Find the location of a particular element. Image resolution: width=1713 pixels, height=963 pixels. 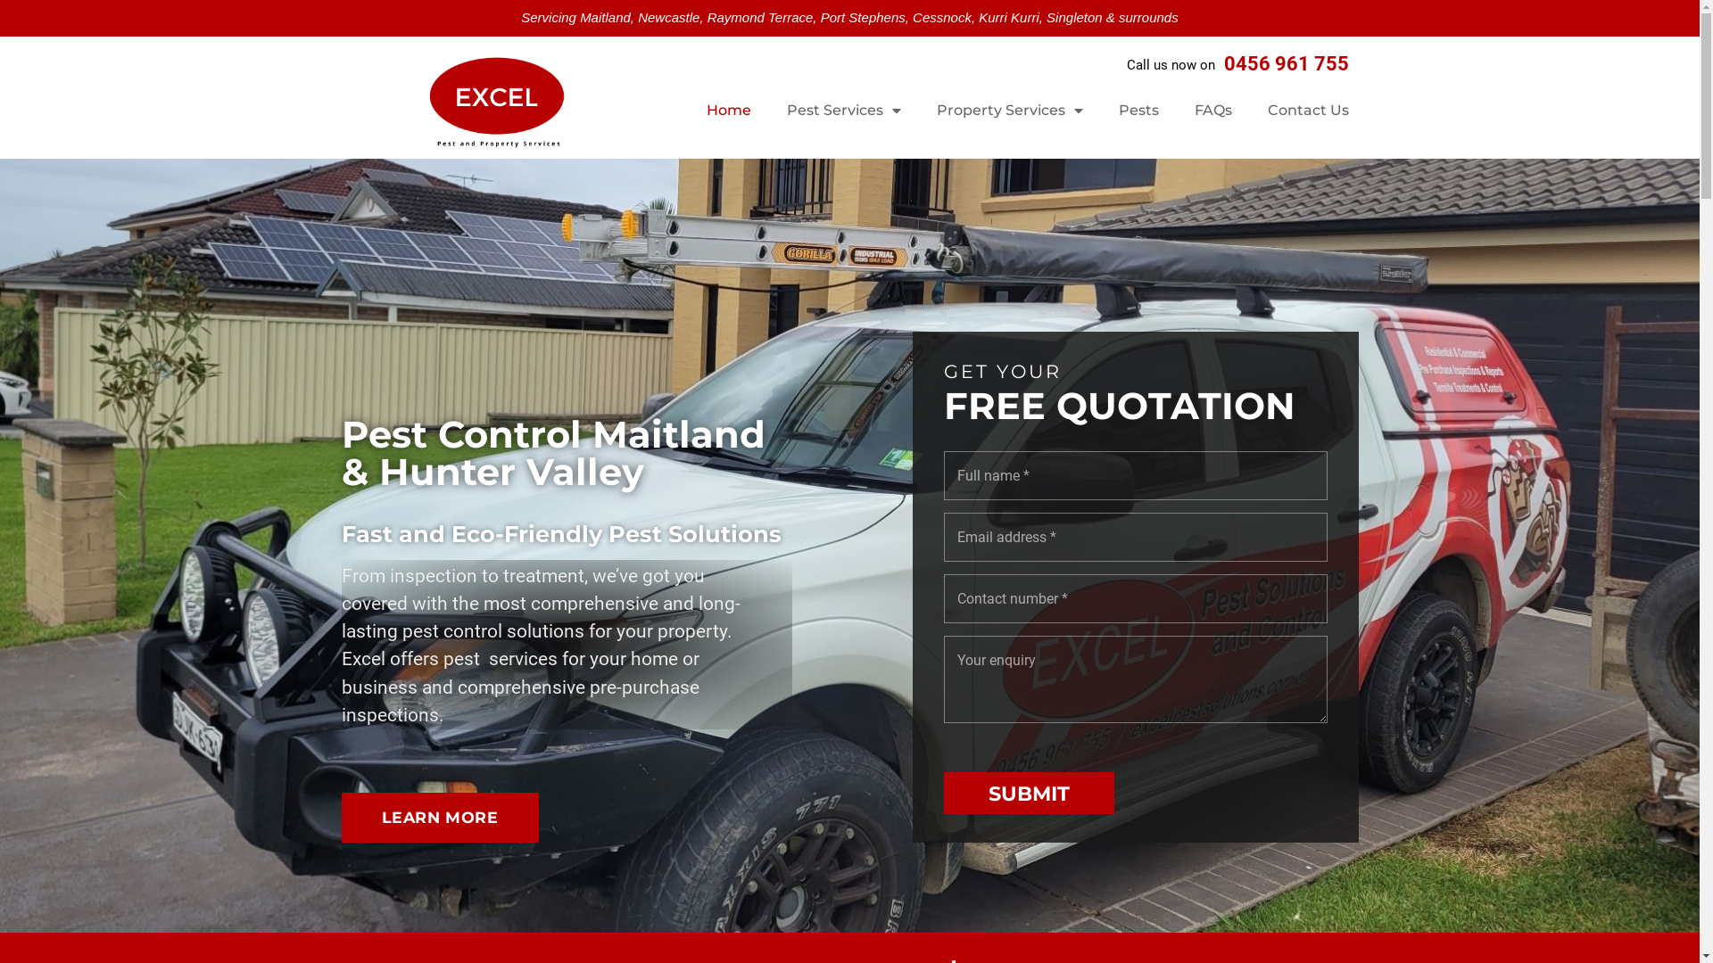

'Pests' is located at coordinates (1117, 110).